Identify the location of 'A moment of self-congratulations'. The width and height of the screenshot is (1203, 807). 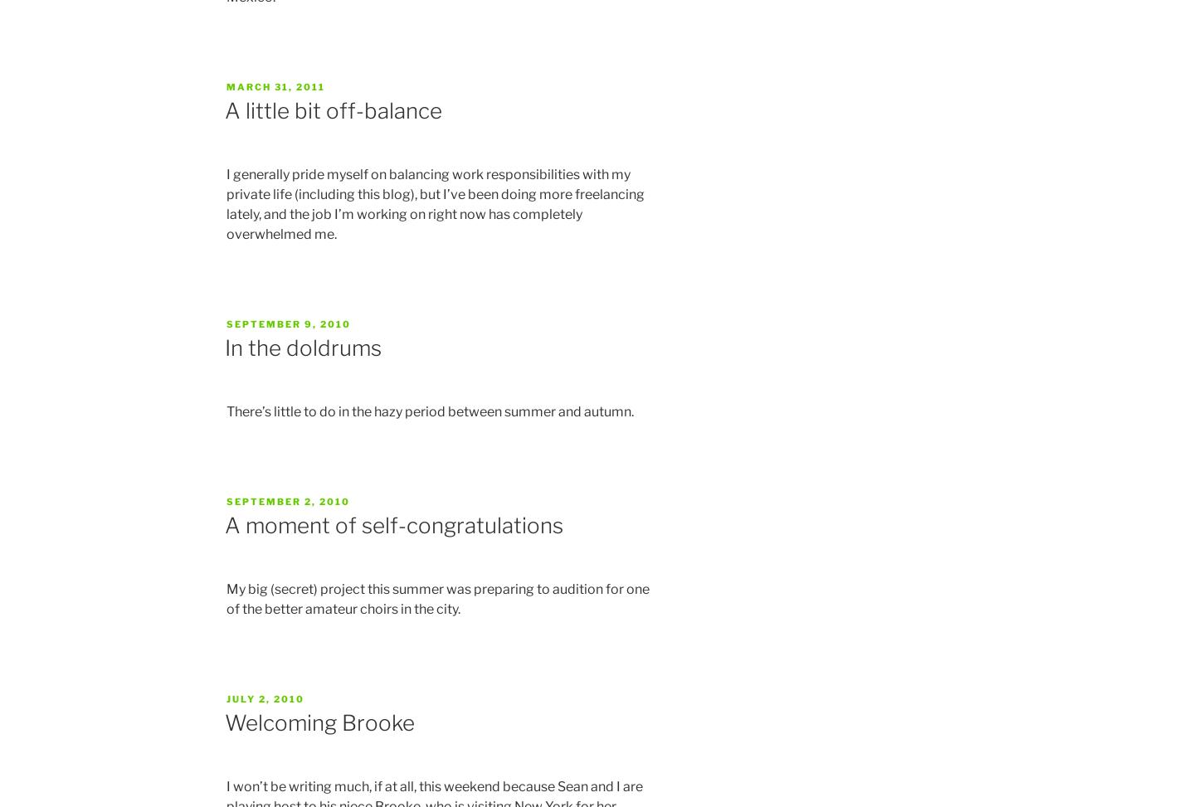
(393, 524).